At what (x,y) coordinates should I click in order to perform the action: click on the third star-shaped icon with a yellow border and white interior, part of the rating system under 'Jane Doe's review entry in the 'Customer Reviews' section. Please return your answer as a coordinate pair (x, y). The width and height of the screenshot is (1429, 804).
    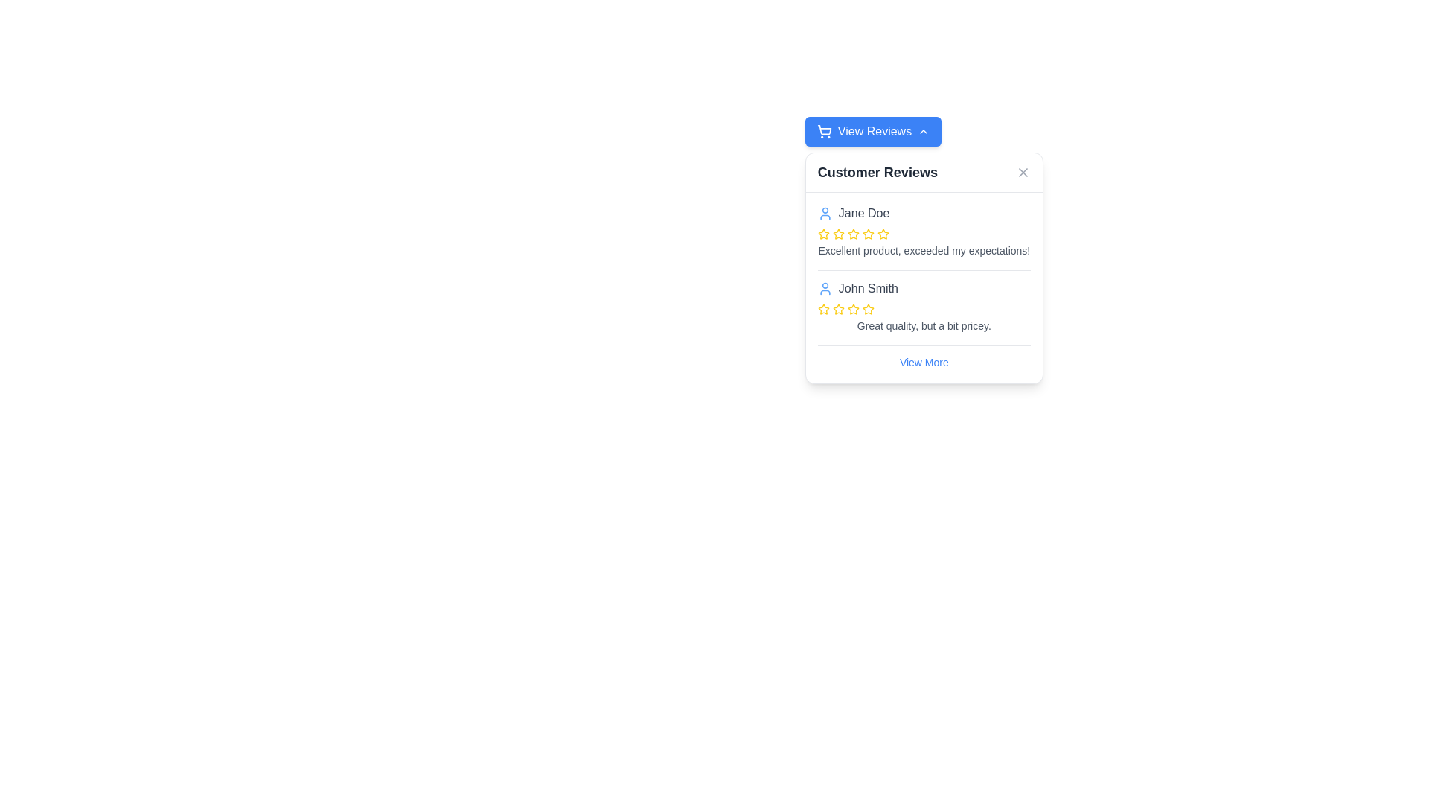
    Looking at the image, I should click on (853, 234).